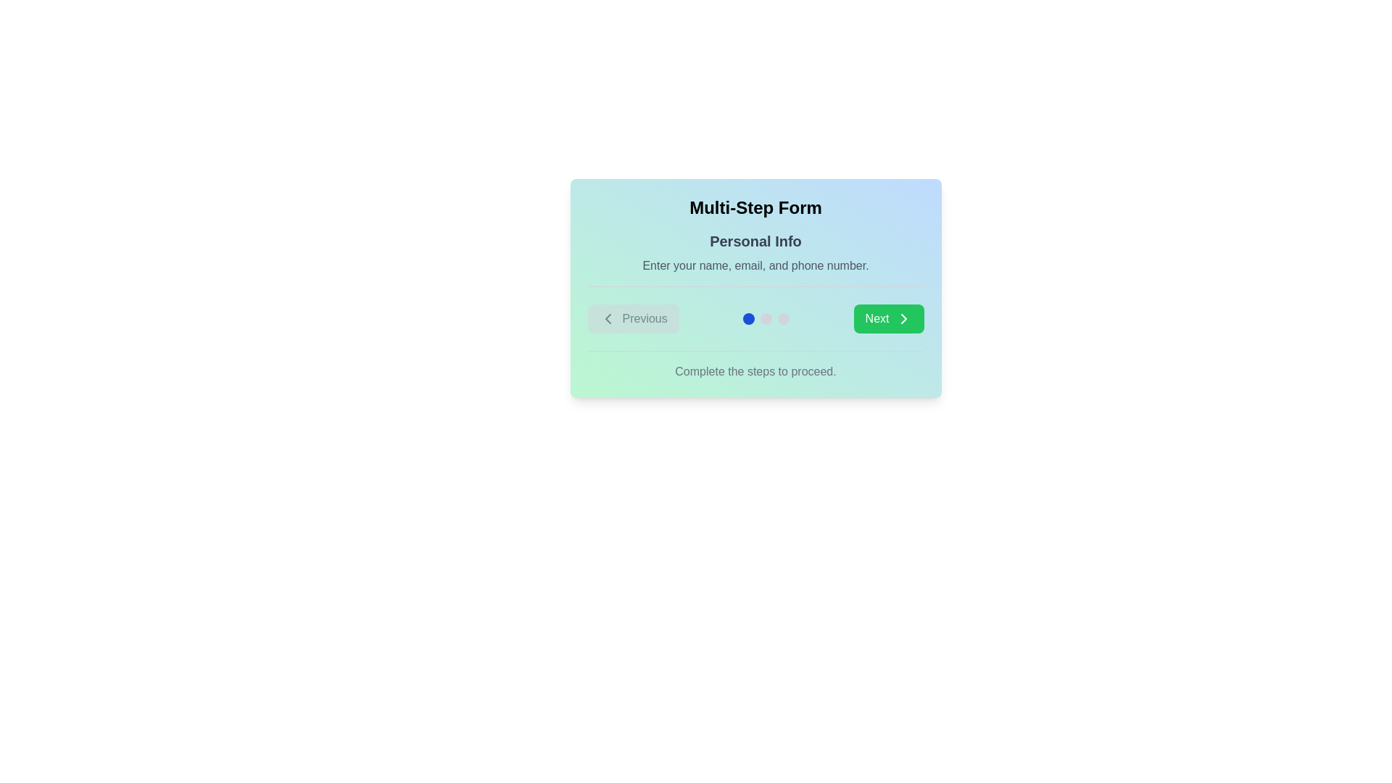  Describe the element at coordinates (608, 318) in the screenshot. I see `the left-pointing chevron icon within the 'Previous' button` at that location.